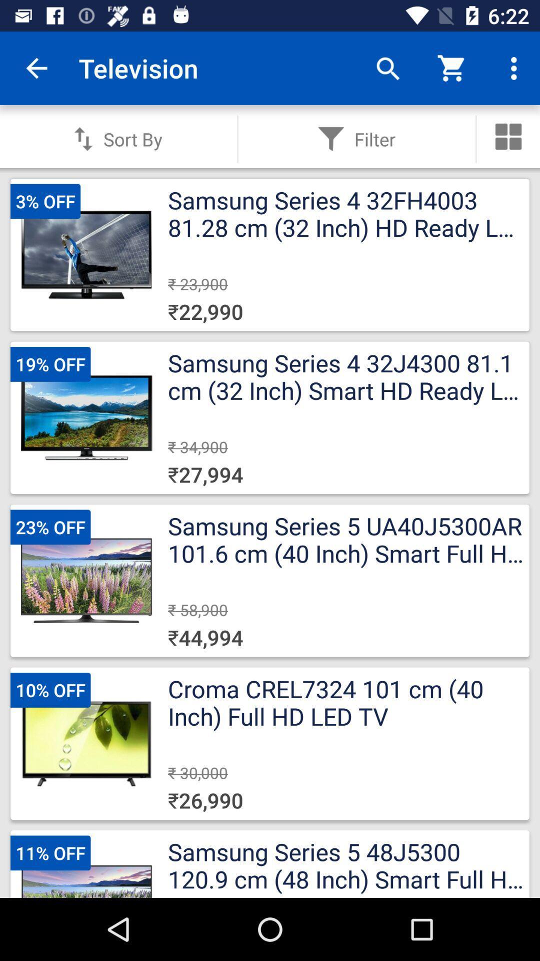  I want to click on the item to the left of television icon, so click(36, 68).